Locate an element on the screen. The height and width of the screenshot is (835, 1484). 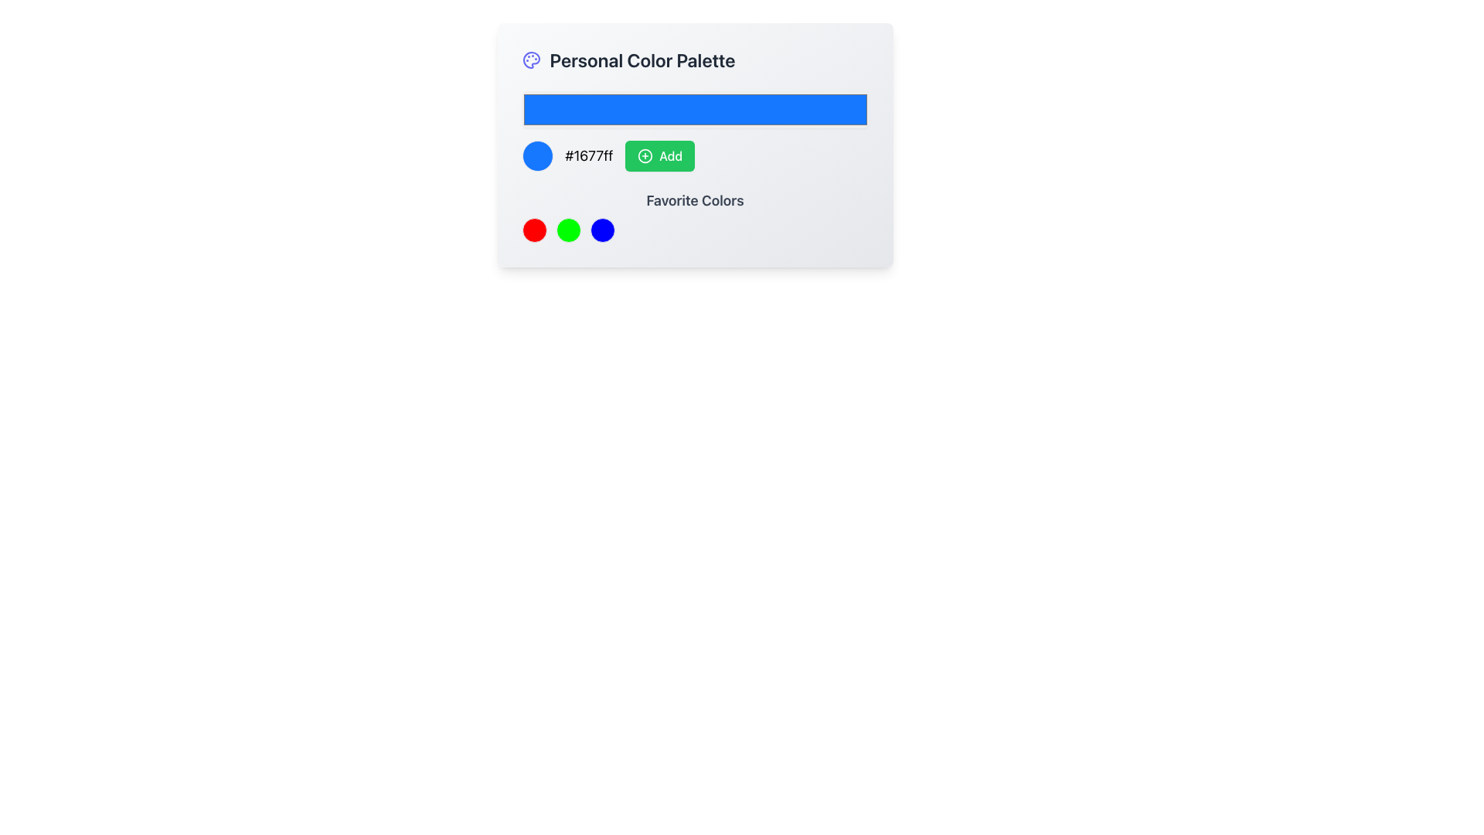
the second circle in the 'Favorite Colors' group is located at coordinates (567, 230).